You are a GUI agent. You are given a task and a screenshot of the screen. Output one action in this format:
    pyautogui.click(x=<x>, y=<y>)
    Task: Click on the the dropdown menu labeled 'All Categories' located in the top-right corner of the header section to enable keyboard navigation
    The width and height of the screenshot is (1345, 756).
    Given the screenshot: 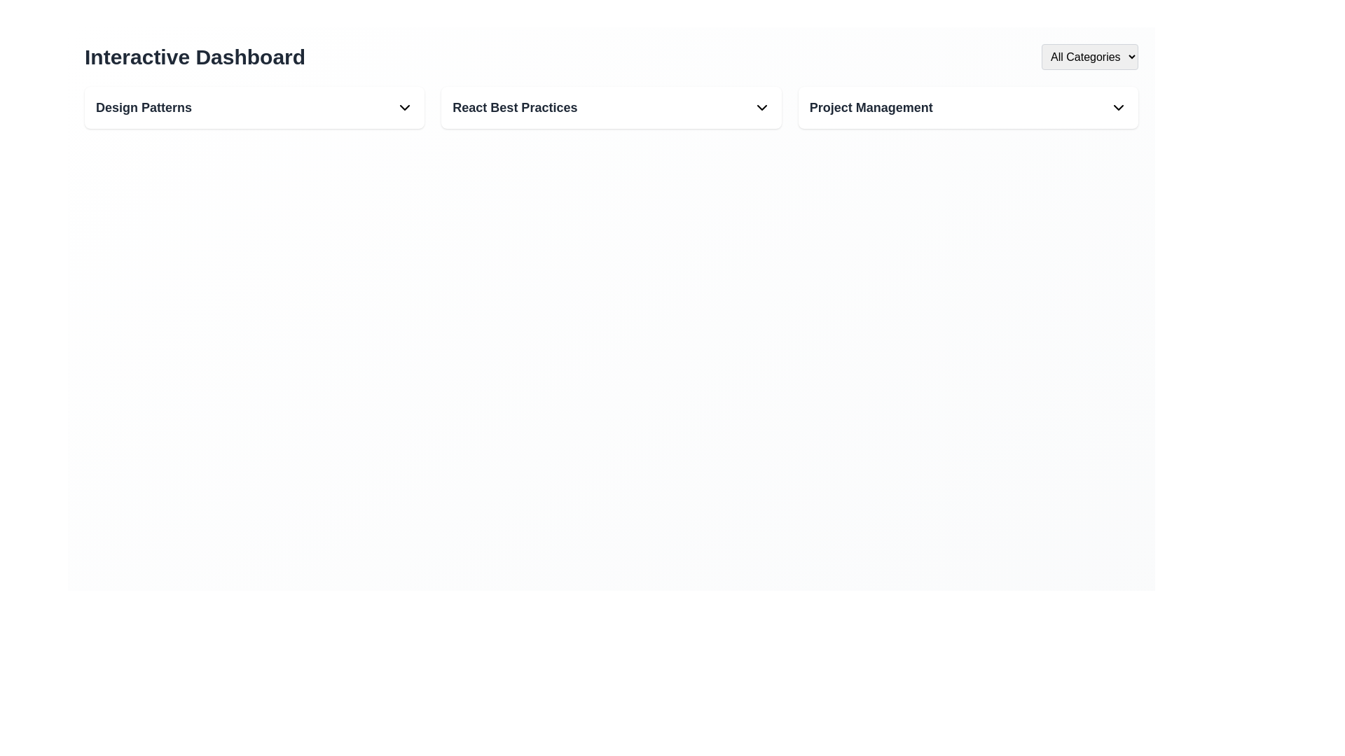 What is the action you would take?
    pyautogui.click(x=1089, y=56)
    